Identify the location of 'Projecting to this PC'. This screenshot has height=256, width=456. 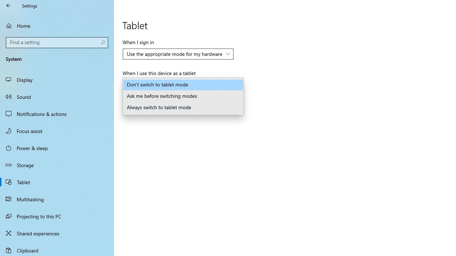
(57, 216).